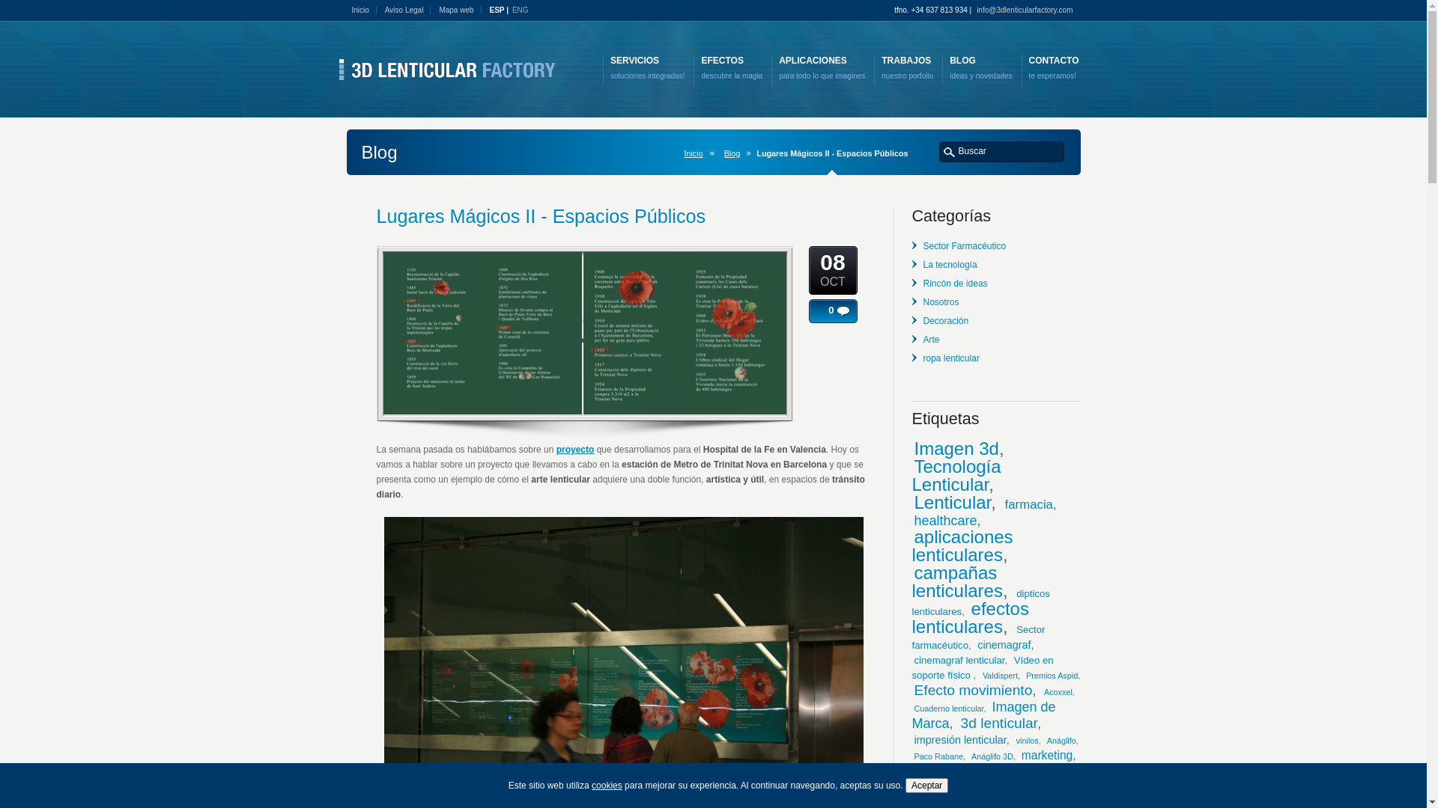  What do you see at coordinates (952, 771) in the screenshot?
I see `'marketing offline'` at bounding box center [952, 771].